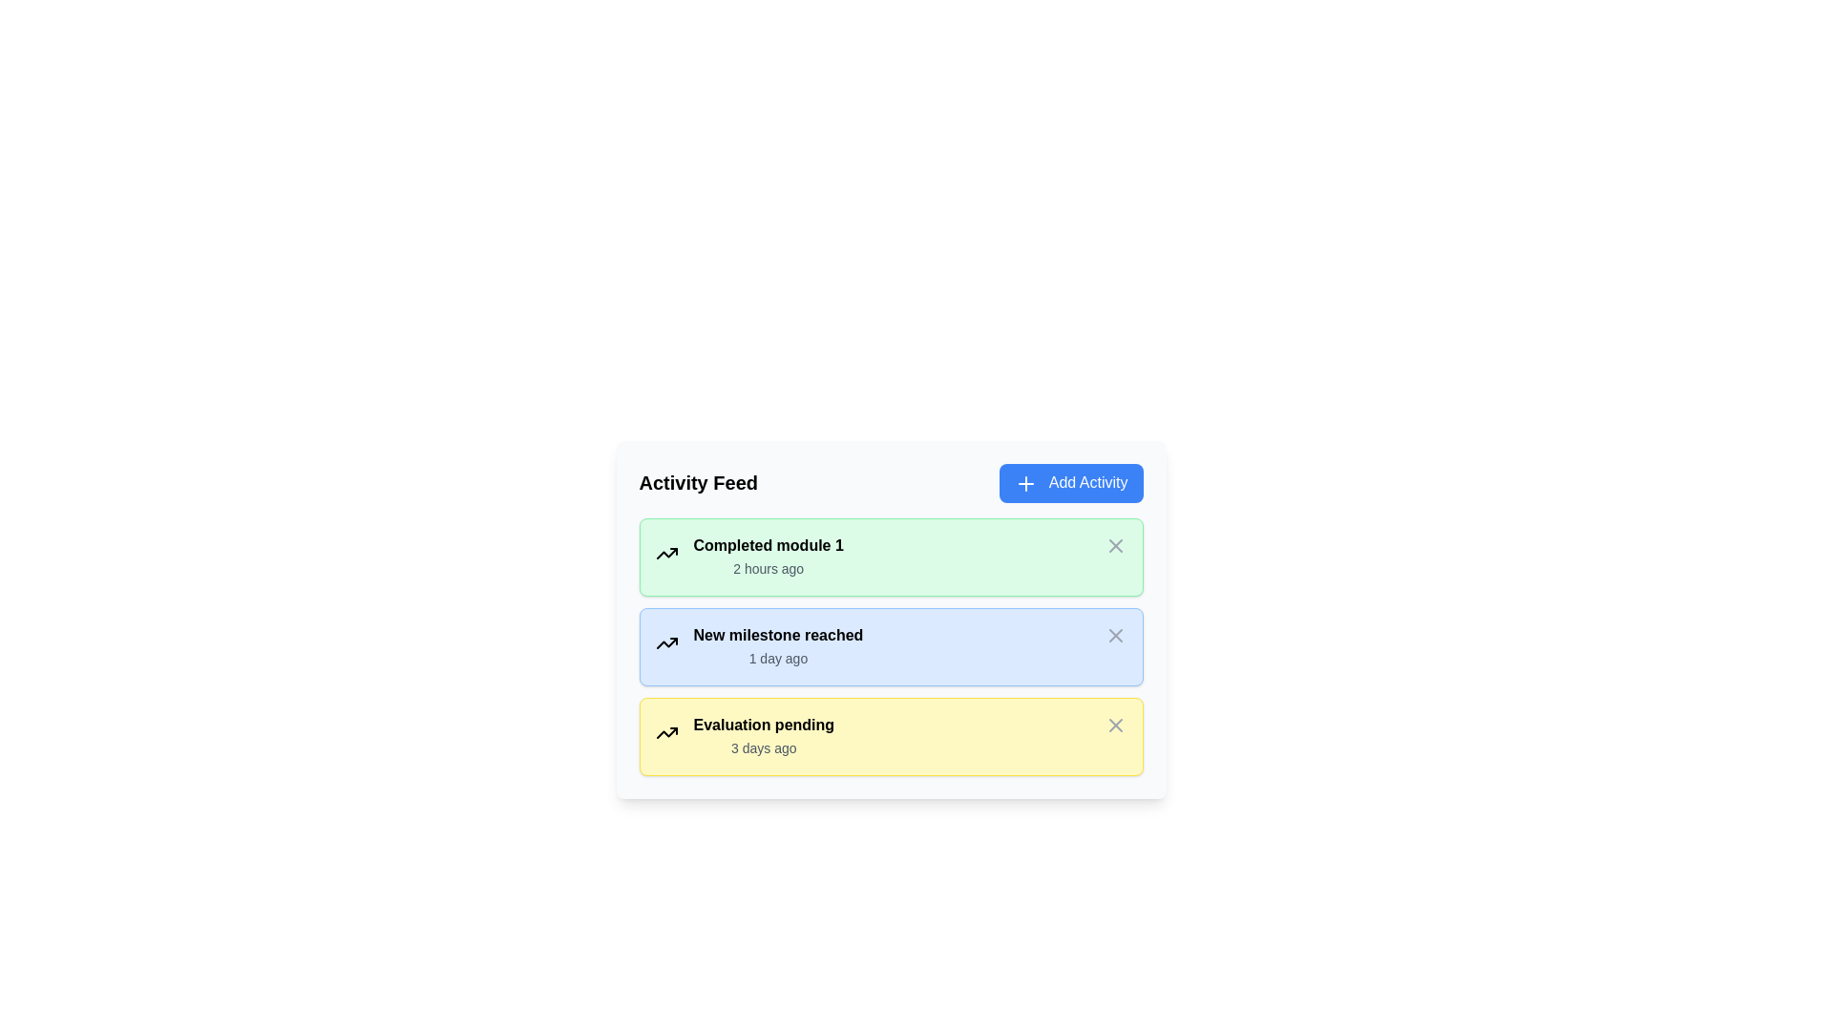 The height and width of the screenshot is (1031, 1833). Describe the element at coordinates (1025, 482) in the screenshot. I see `the gray plus (+) symbol located at the center-left of the blue rounded button labeled 'Add Activity' in the top-right corner of the 'Activity Feed' section` at that location.